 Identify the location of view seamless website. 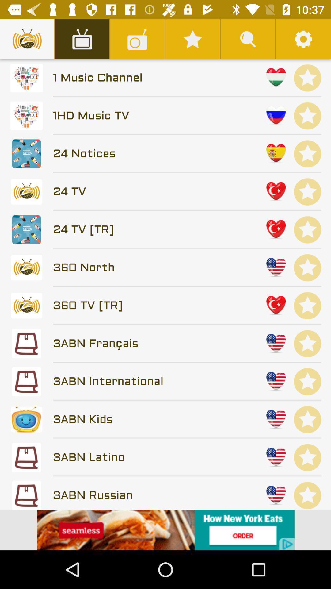
(165, 530).